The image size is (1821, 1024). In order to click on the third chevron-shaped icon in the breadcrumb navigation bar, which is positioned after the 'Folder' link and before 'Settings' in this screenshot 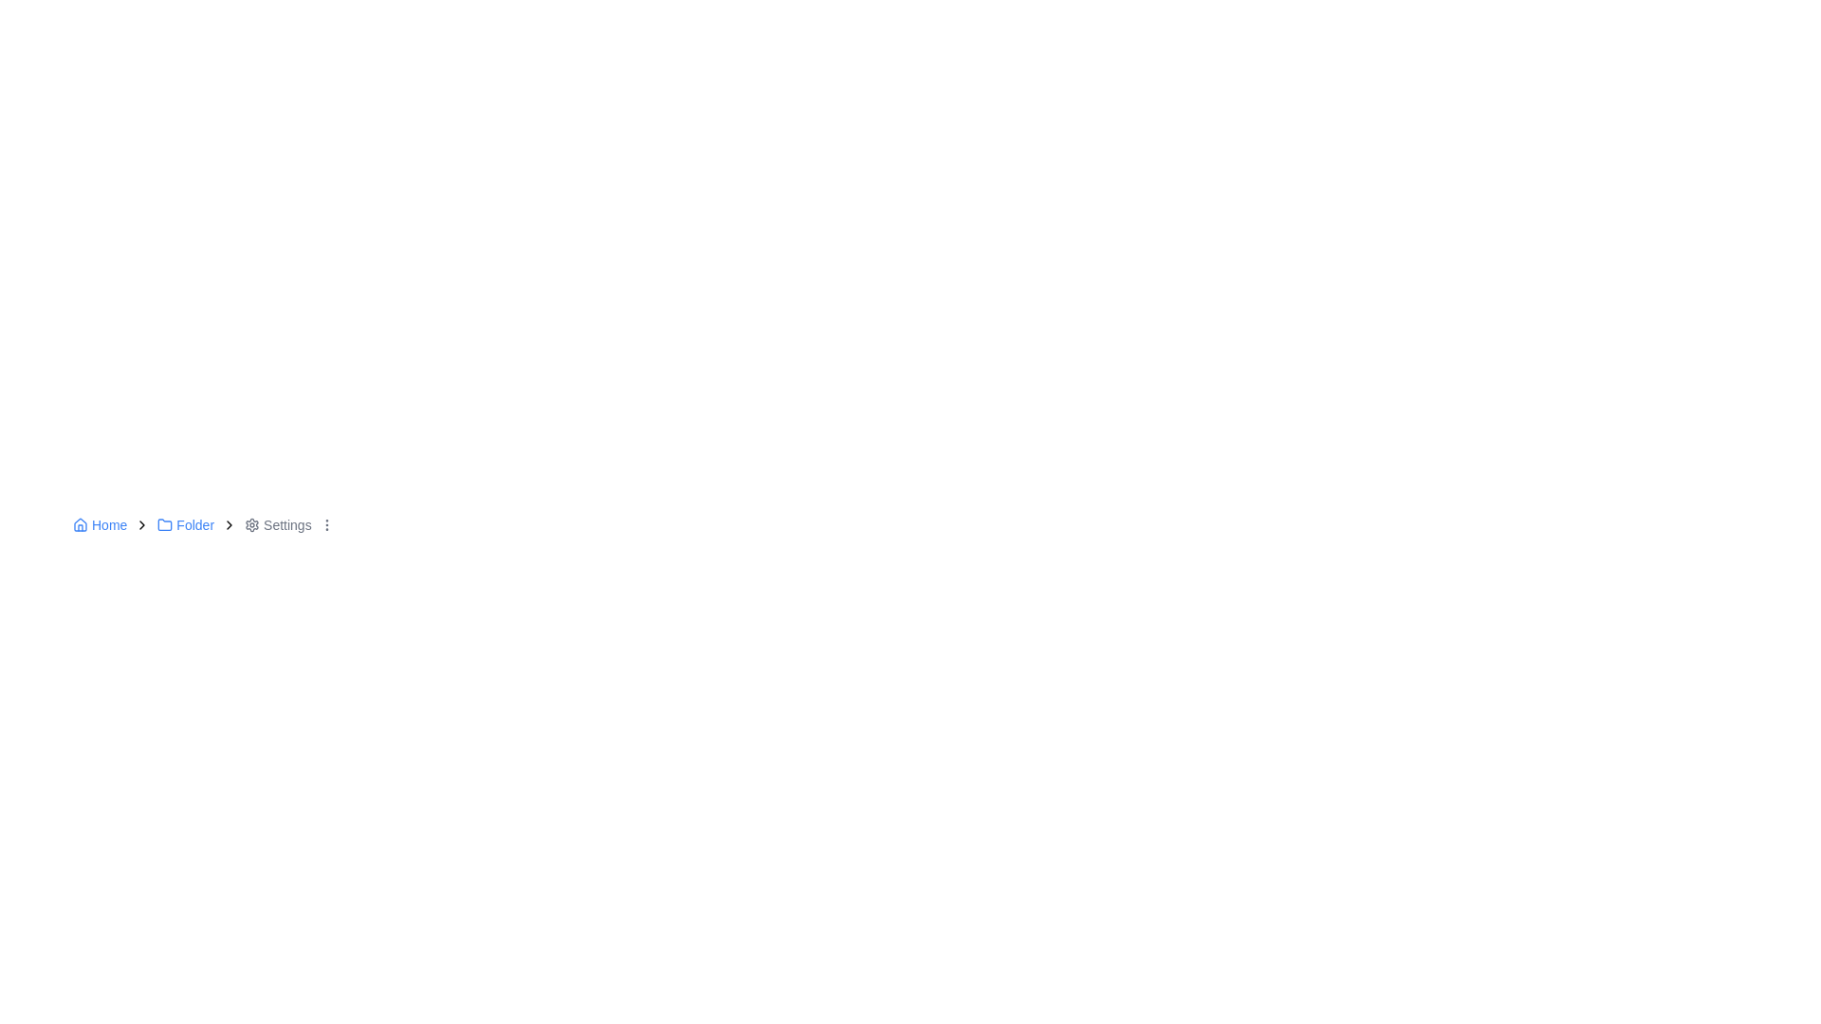, I will do `click(229, 525)`.